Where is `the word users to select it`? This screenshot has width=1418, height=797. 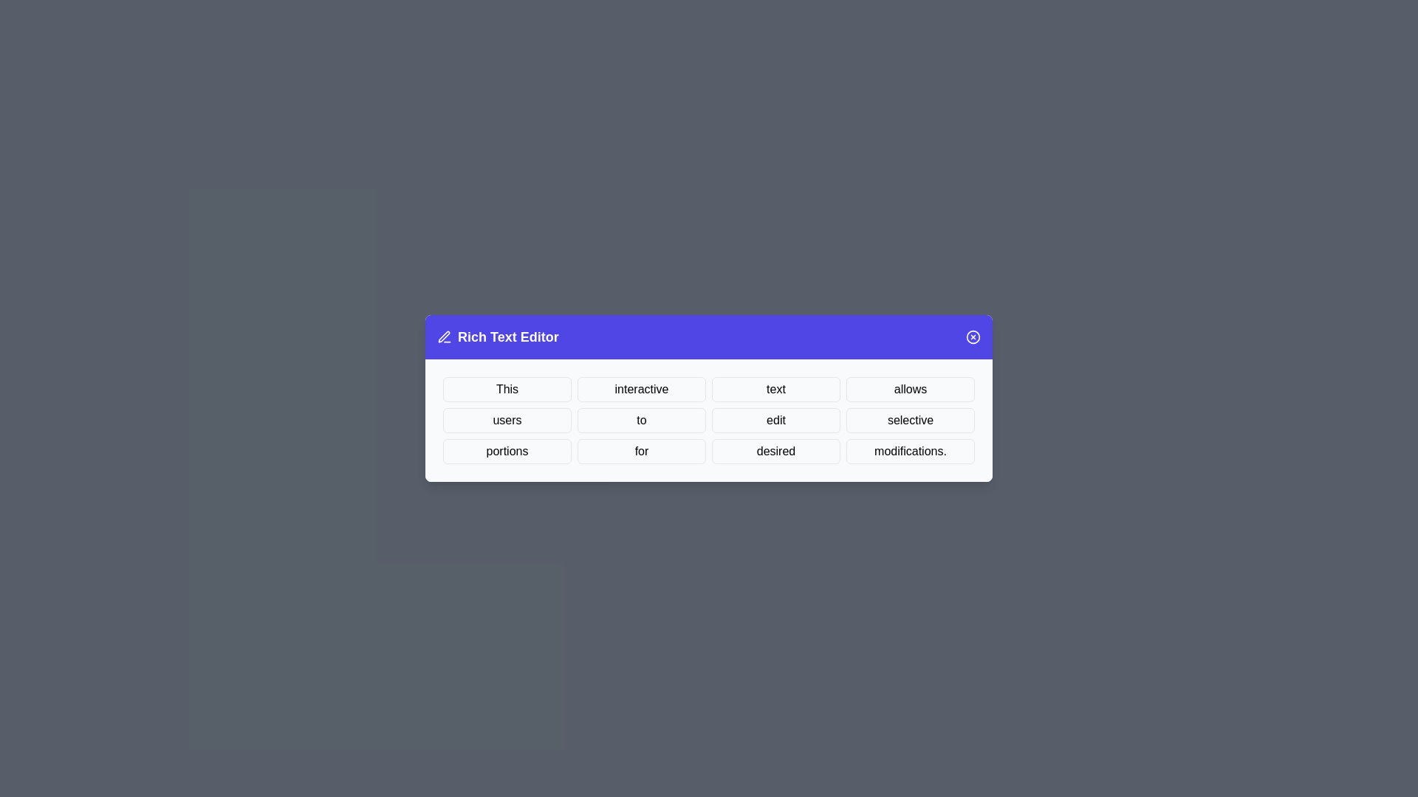
the word users to select it is located at coordinates (507, 421).